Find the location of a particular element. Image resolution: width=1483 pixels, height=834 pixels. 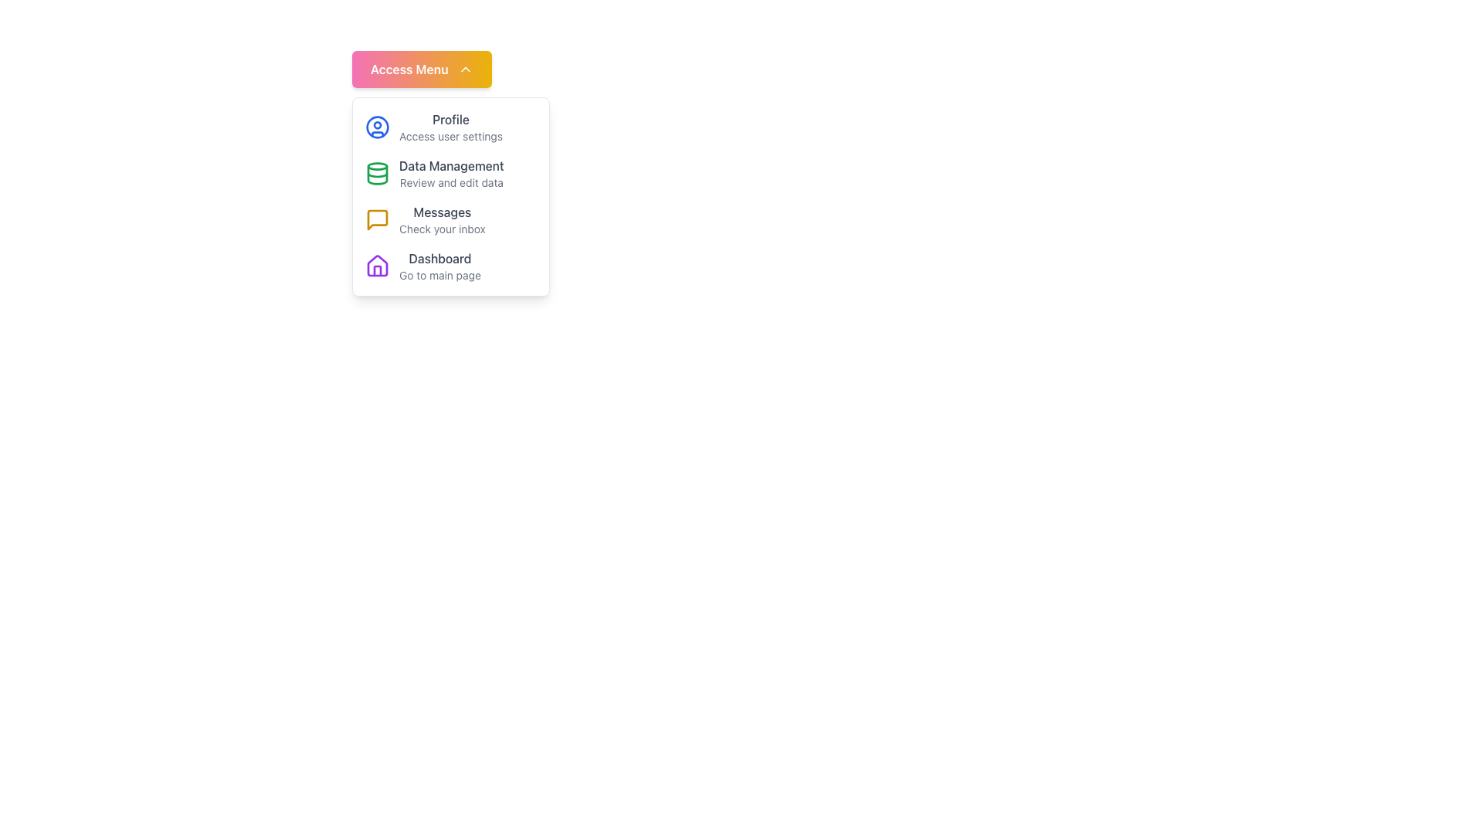

the green stacked cylindrical database icon located in the second row of the dropdown menu next to 'Data Management' as a visual cue is located at coordinates (378, 174).